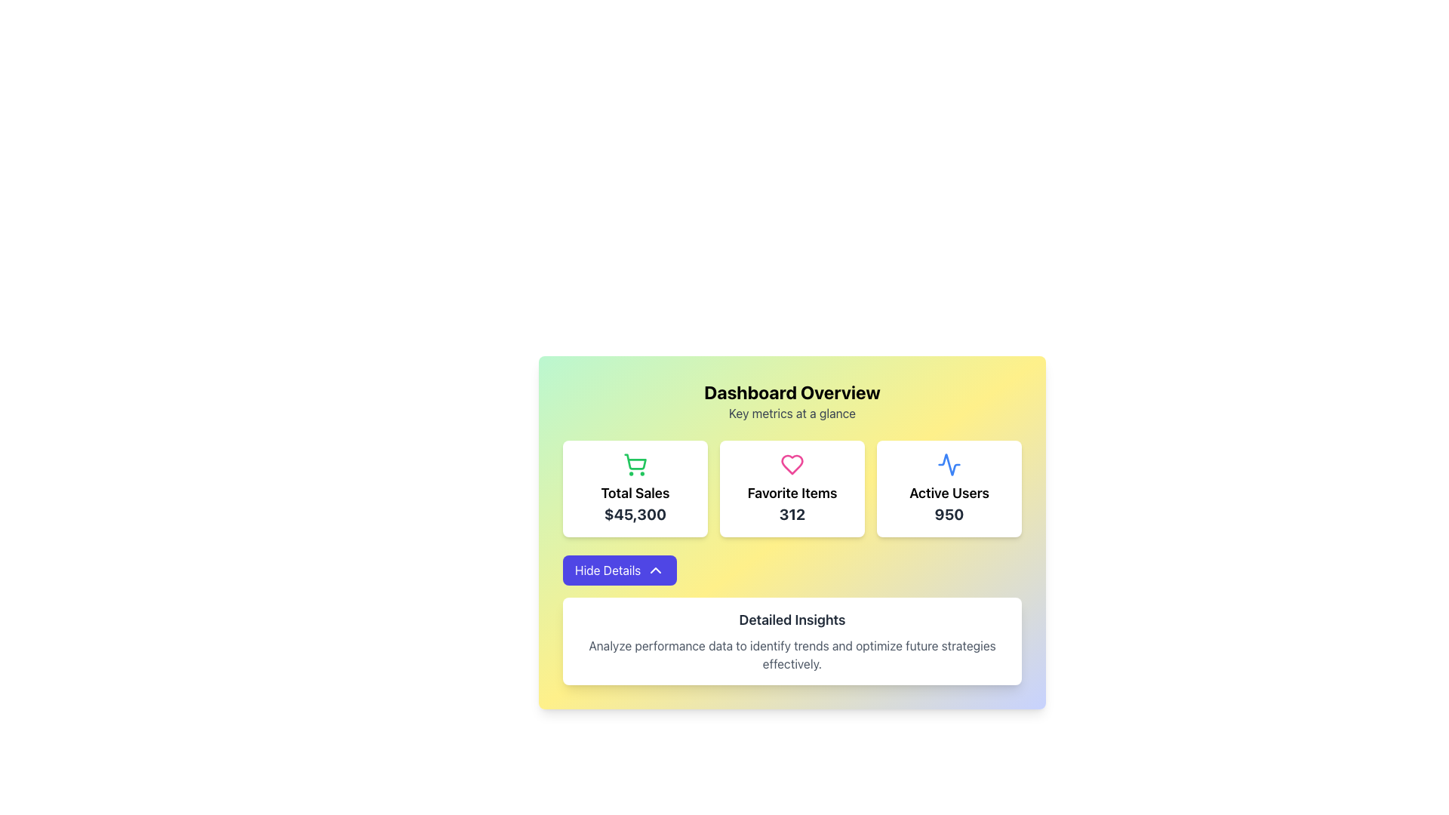 The height and width of the screenshot is (815, 1449). Describe the element at coordinates (792, 654) in the screenshot. I see `the block of text containing 'Analyze performance data to identify trends and optimize future strategies effectively.' located below the 'Detailed Insights' heading` at that location.